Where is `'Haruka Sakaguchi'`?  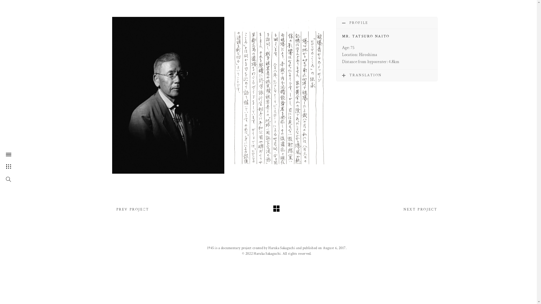
'Haruka Sakaguchi' is located at coordinates (253, 254).